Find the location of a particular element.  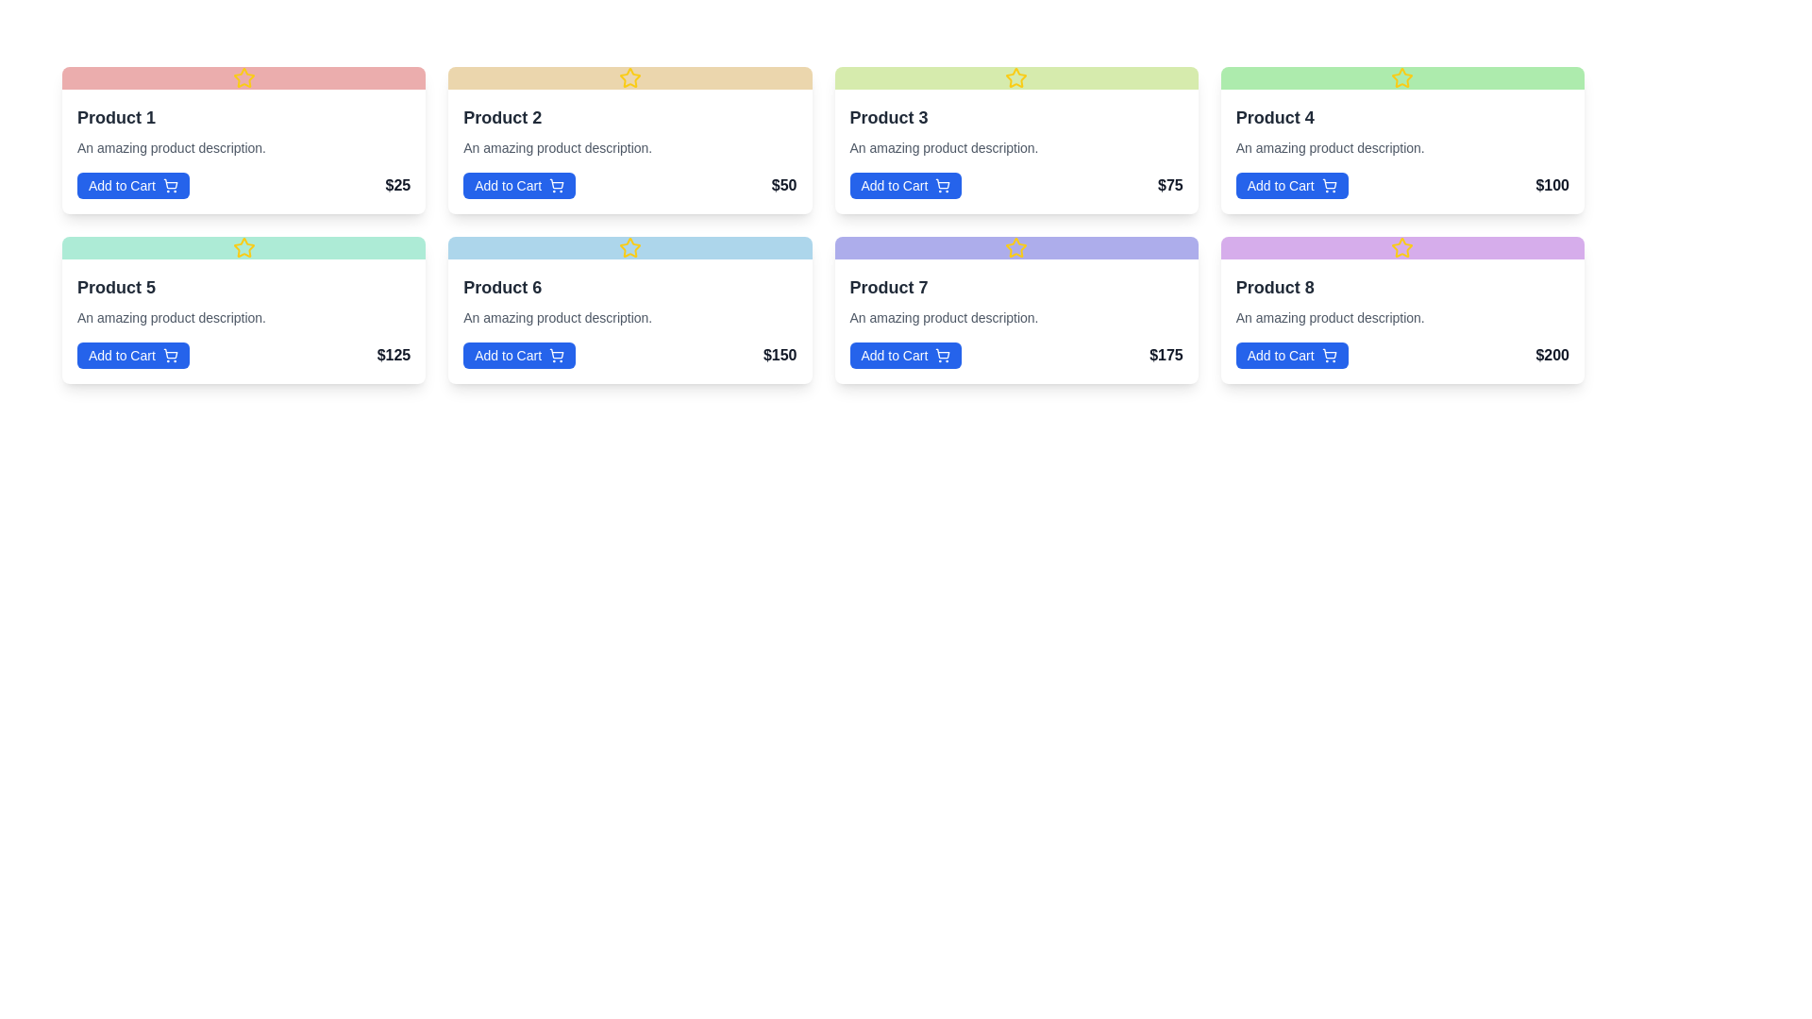

the text label displaying the price '$75' located in the lower-right corner of the card labeled 'Product 3' is located at coordinates (1169, 185).